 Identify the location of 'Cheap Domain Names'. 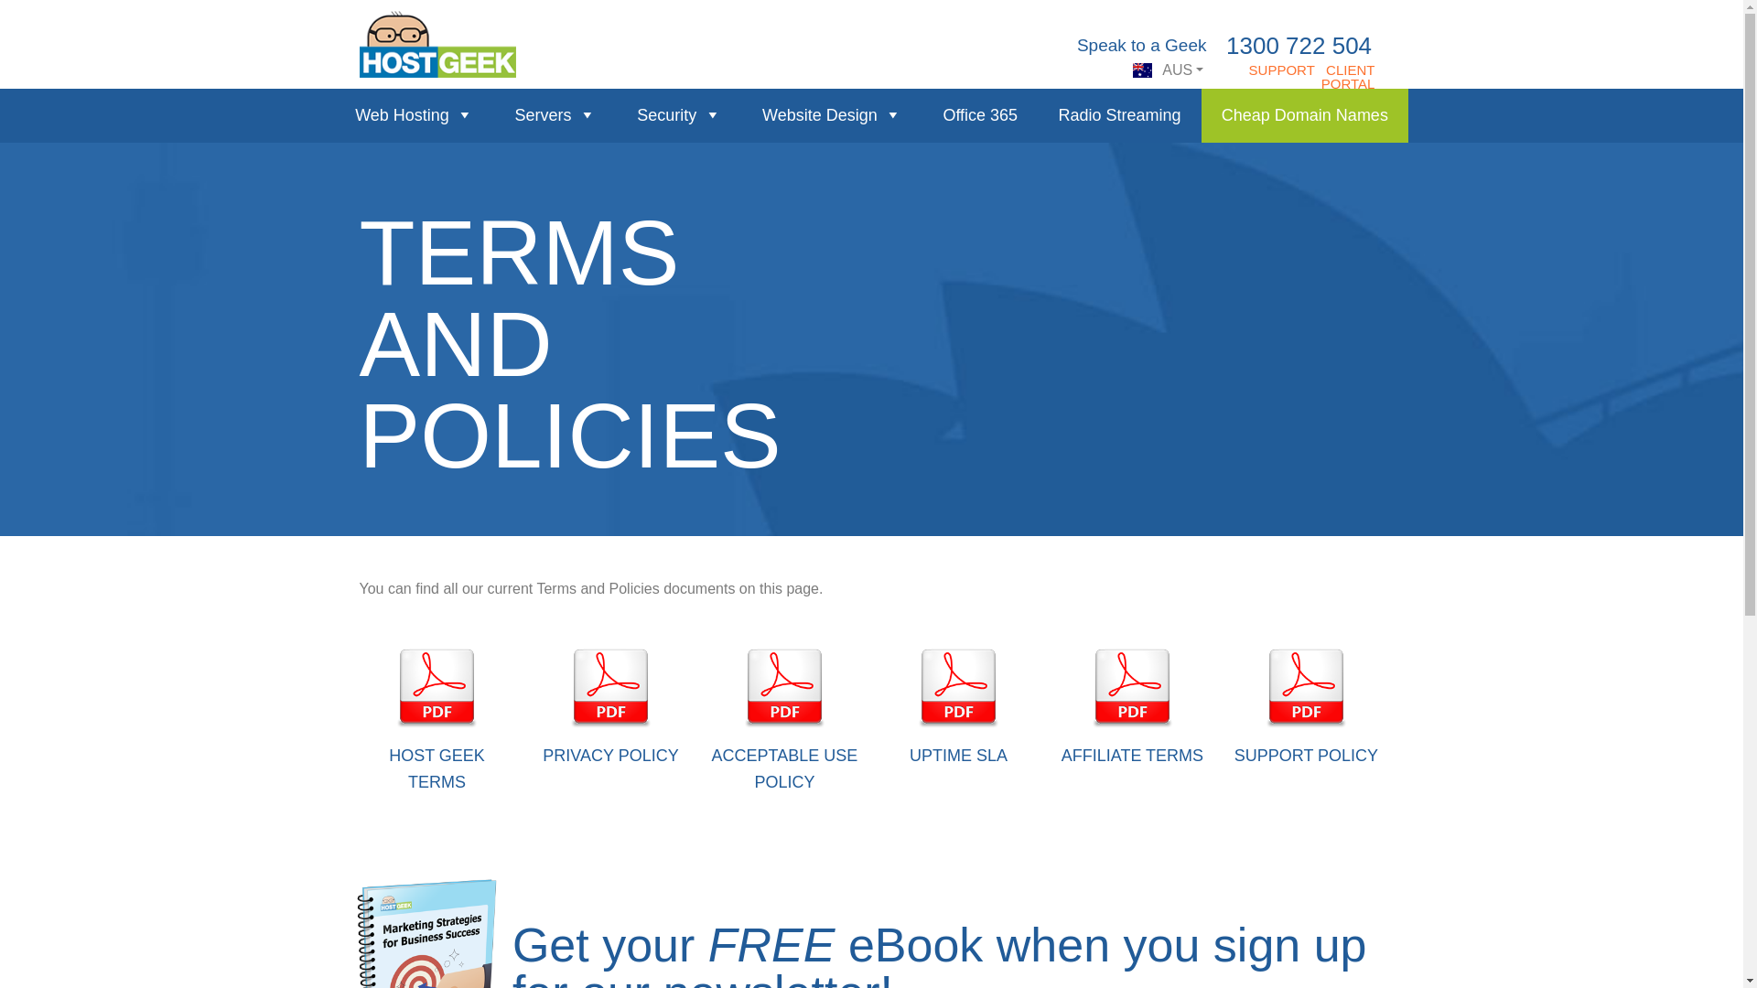
(1303, 115).